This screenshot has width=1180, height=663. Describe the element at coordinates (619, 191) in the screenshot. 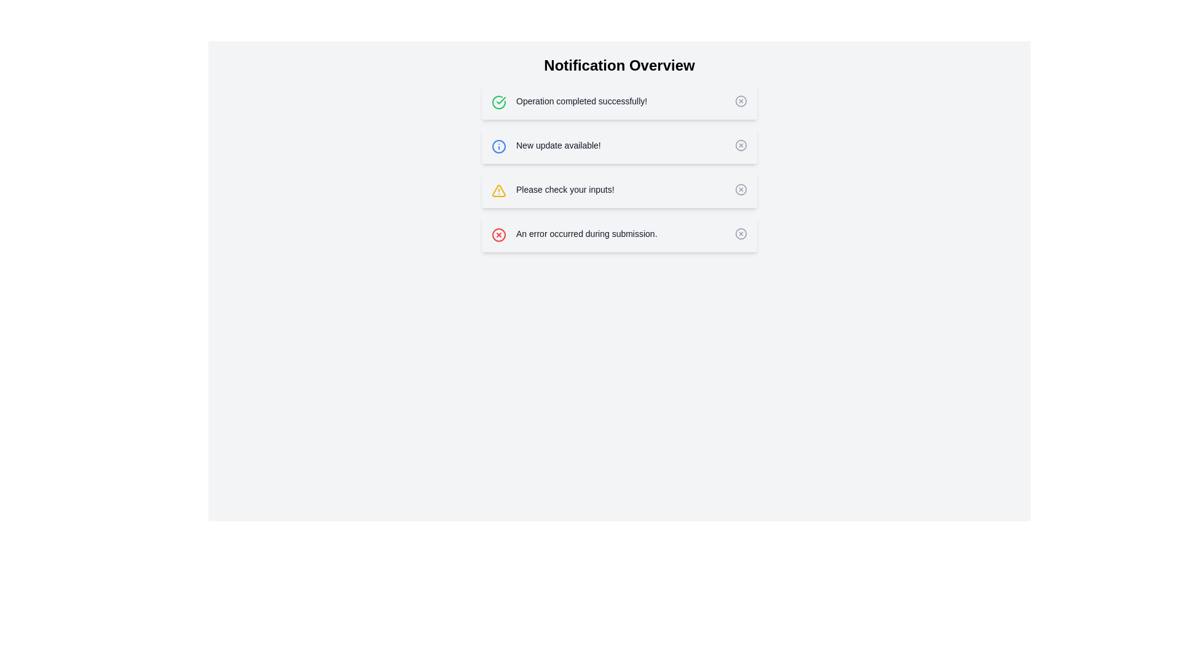

I see `the third notification in the 'Notification Overview' section to potentially see additional information` at that location.